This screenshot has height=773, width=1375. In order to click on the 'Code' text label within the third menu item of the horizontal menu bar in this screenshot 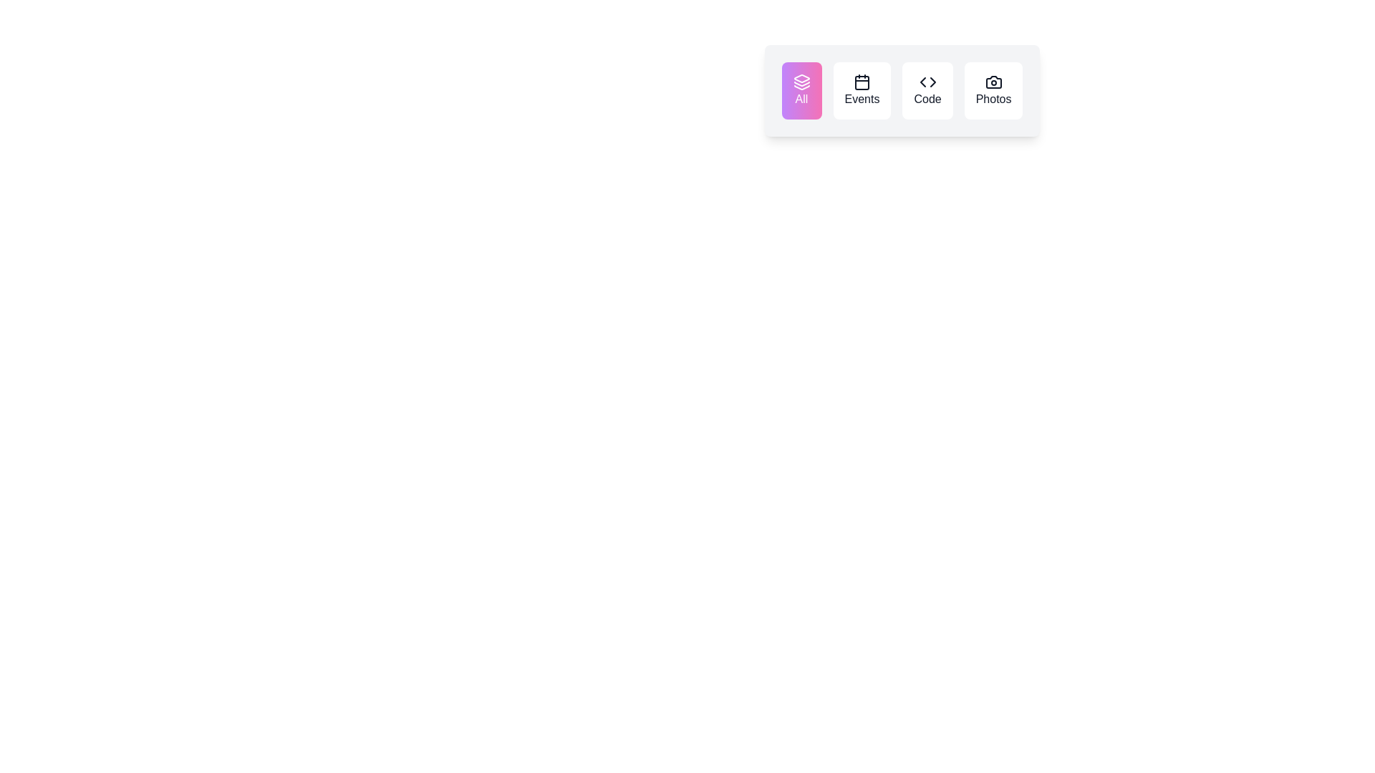, I will do `click(927, 98)`.